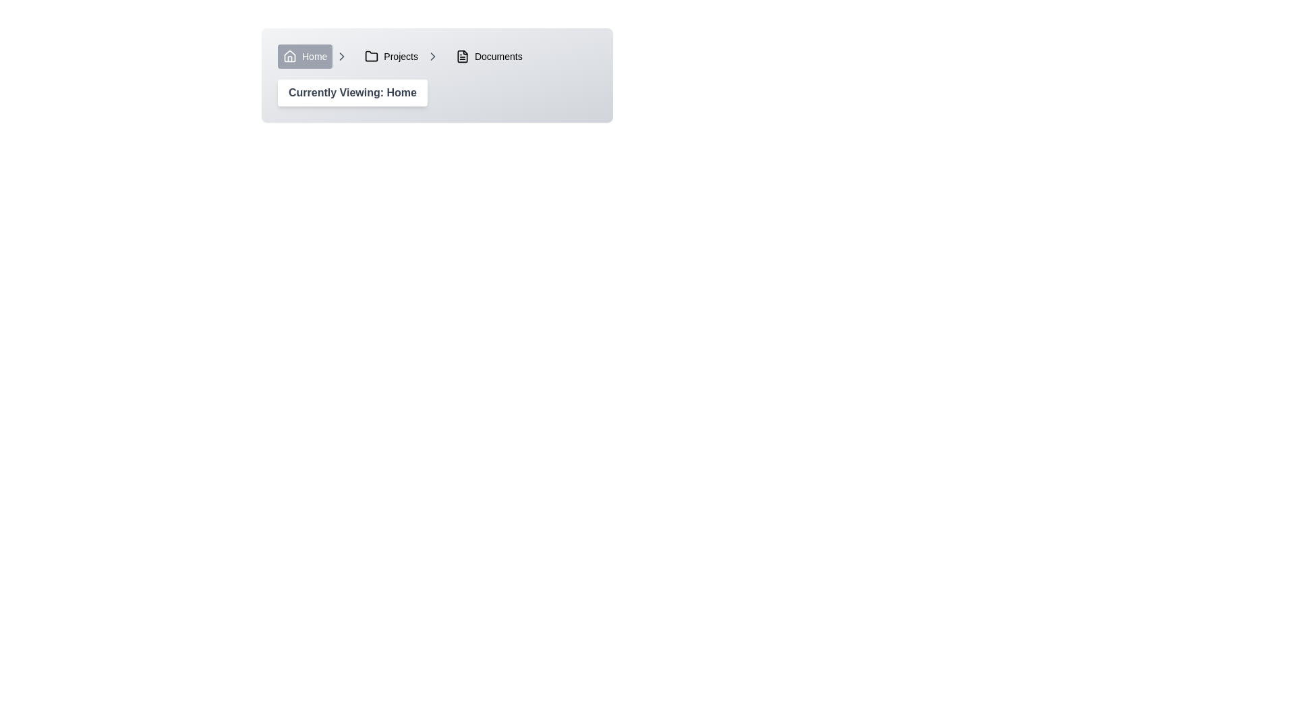  Describe the element at coordinates (437, 56) in the screenshot. I see `an individual breadcrumb item in the Breadcrumb Navigation Bar` at that location.